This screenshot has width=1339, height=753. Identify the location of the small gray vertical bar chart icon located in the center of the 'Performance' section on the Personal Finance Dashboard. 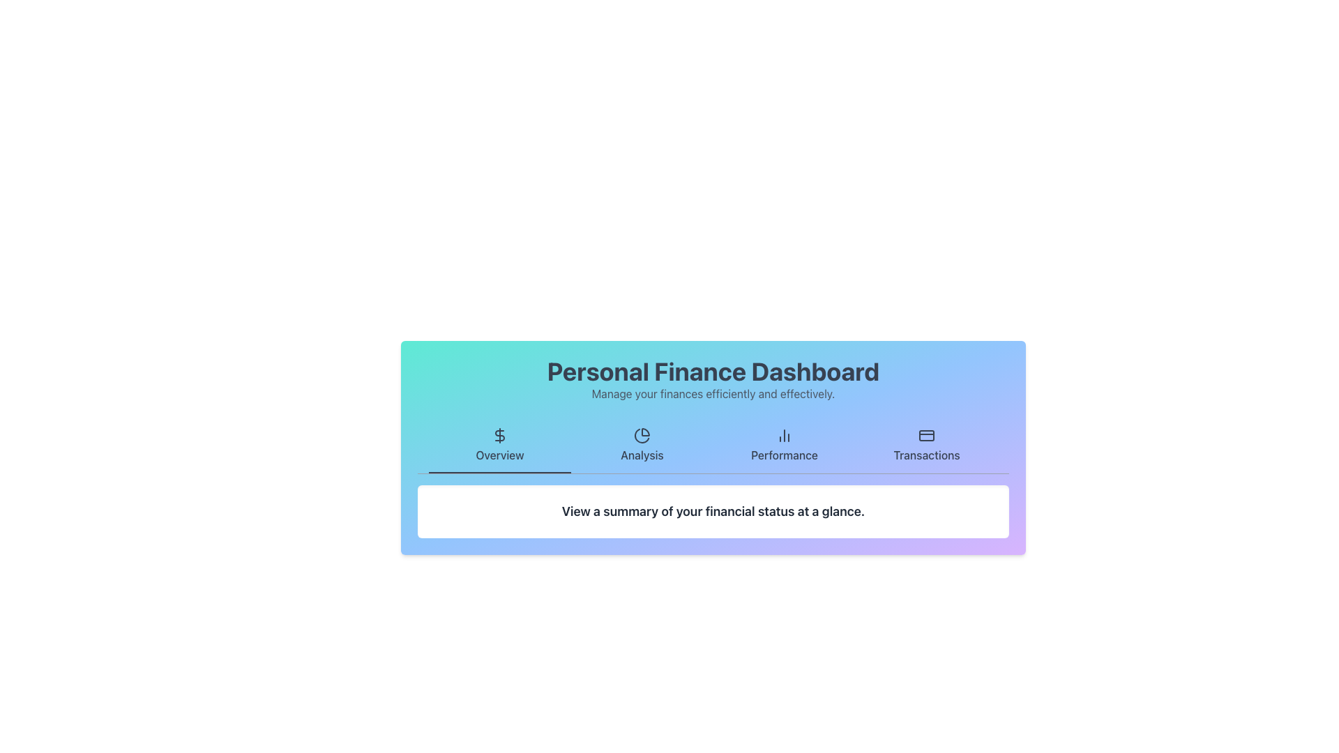
(784, 434).